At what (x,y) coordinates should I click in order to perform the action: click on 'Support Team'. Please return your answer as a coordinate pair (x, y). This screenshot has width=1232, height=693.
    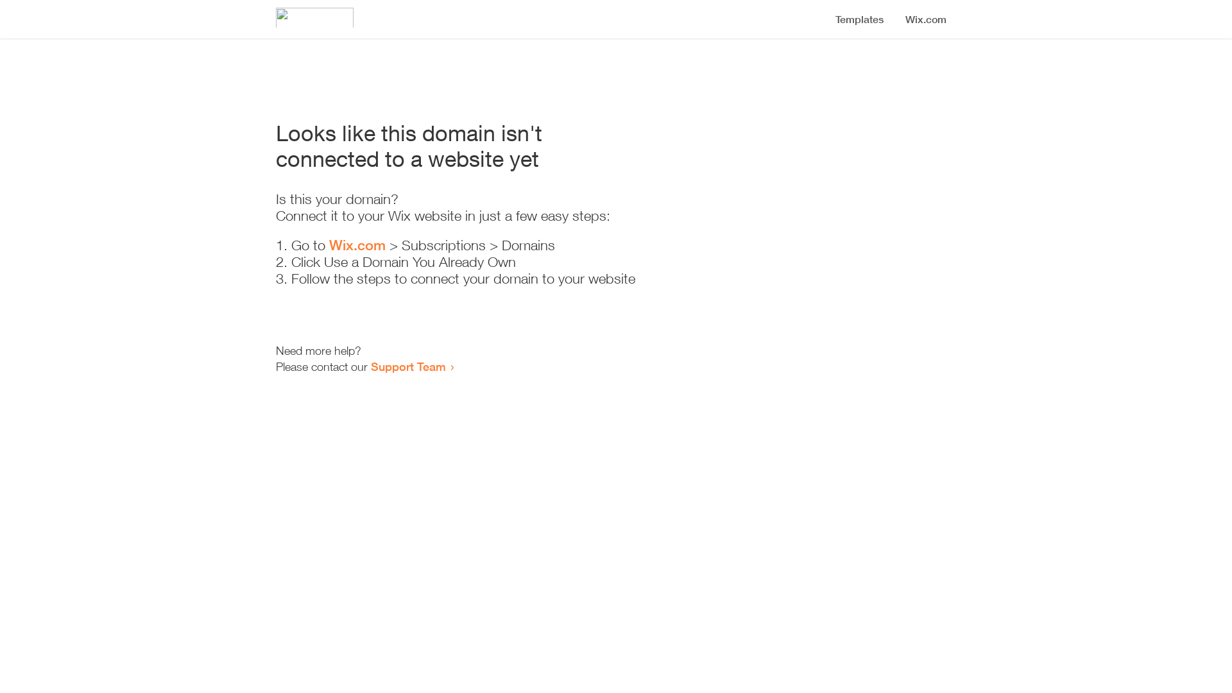
    Looking at the image, I should click on (407, 366).